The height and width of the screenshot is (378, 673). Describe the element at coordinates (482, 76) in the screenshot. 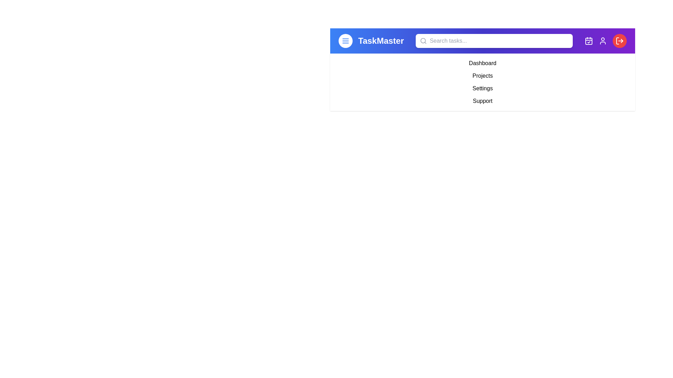

I see `the 'Projects' link in the navigation menu` at that location.